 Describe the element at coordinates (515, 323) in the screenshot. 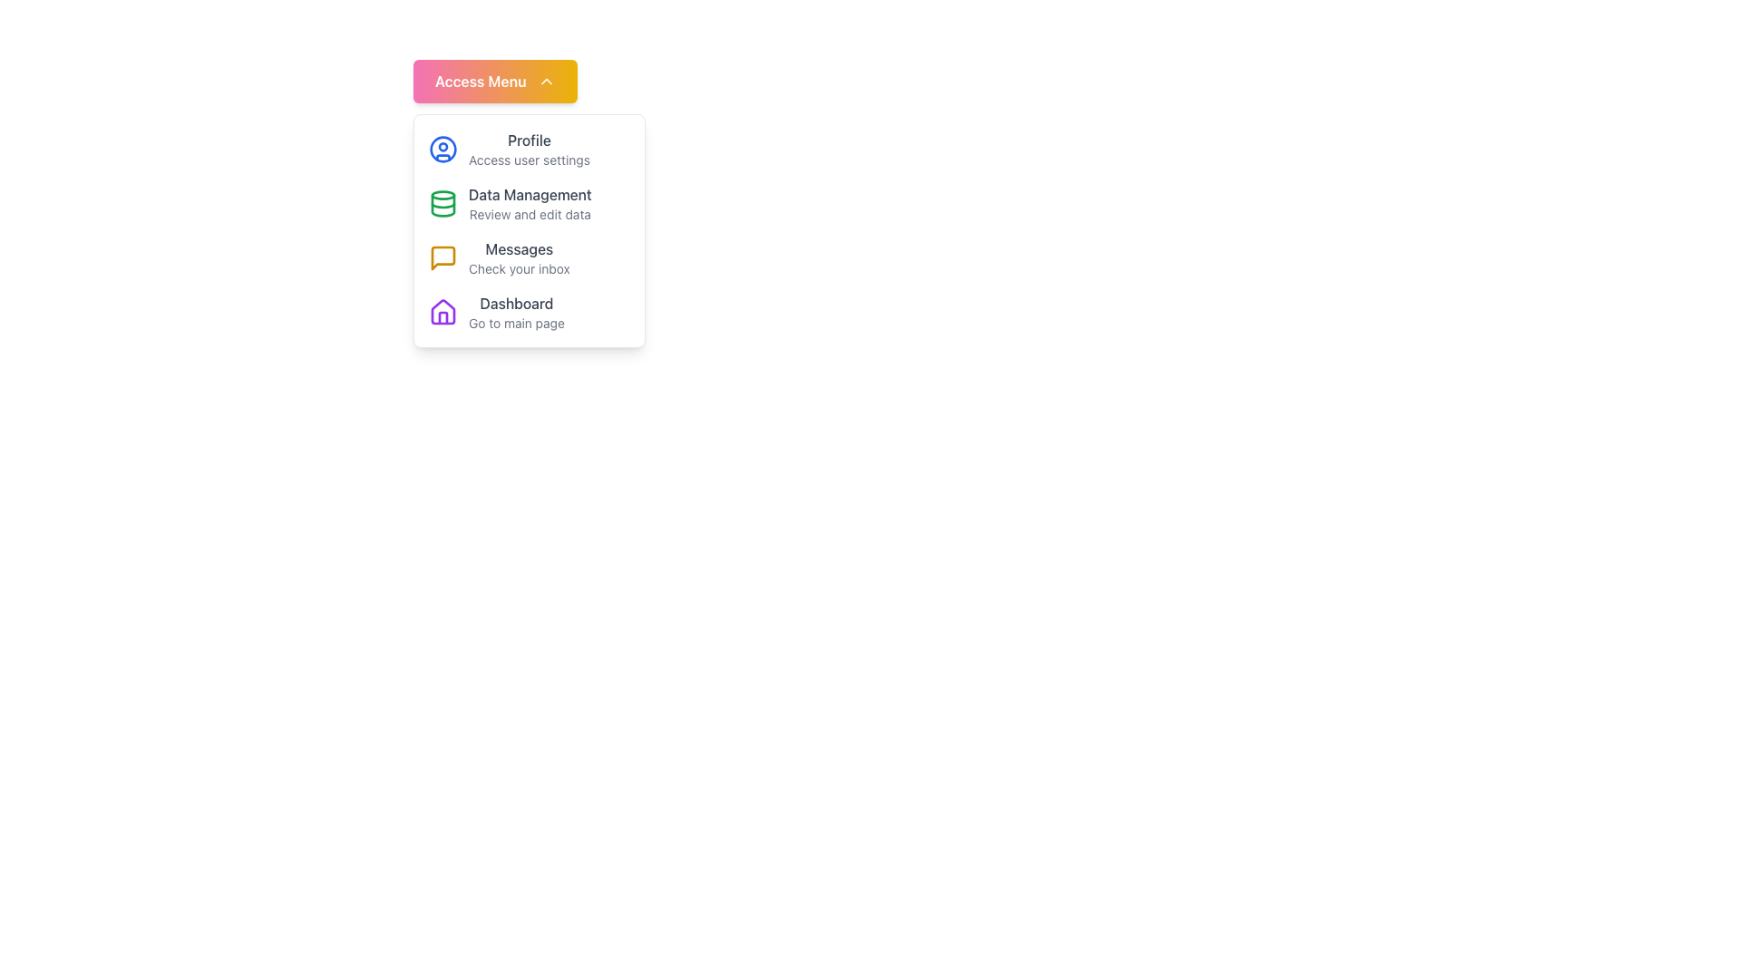

I see `the descriptive text 'Go to main page' located in the dropdown menu below the 'Dashboard' entry in the 'Access Menu' button` at that location.